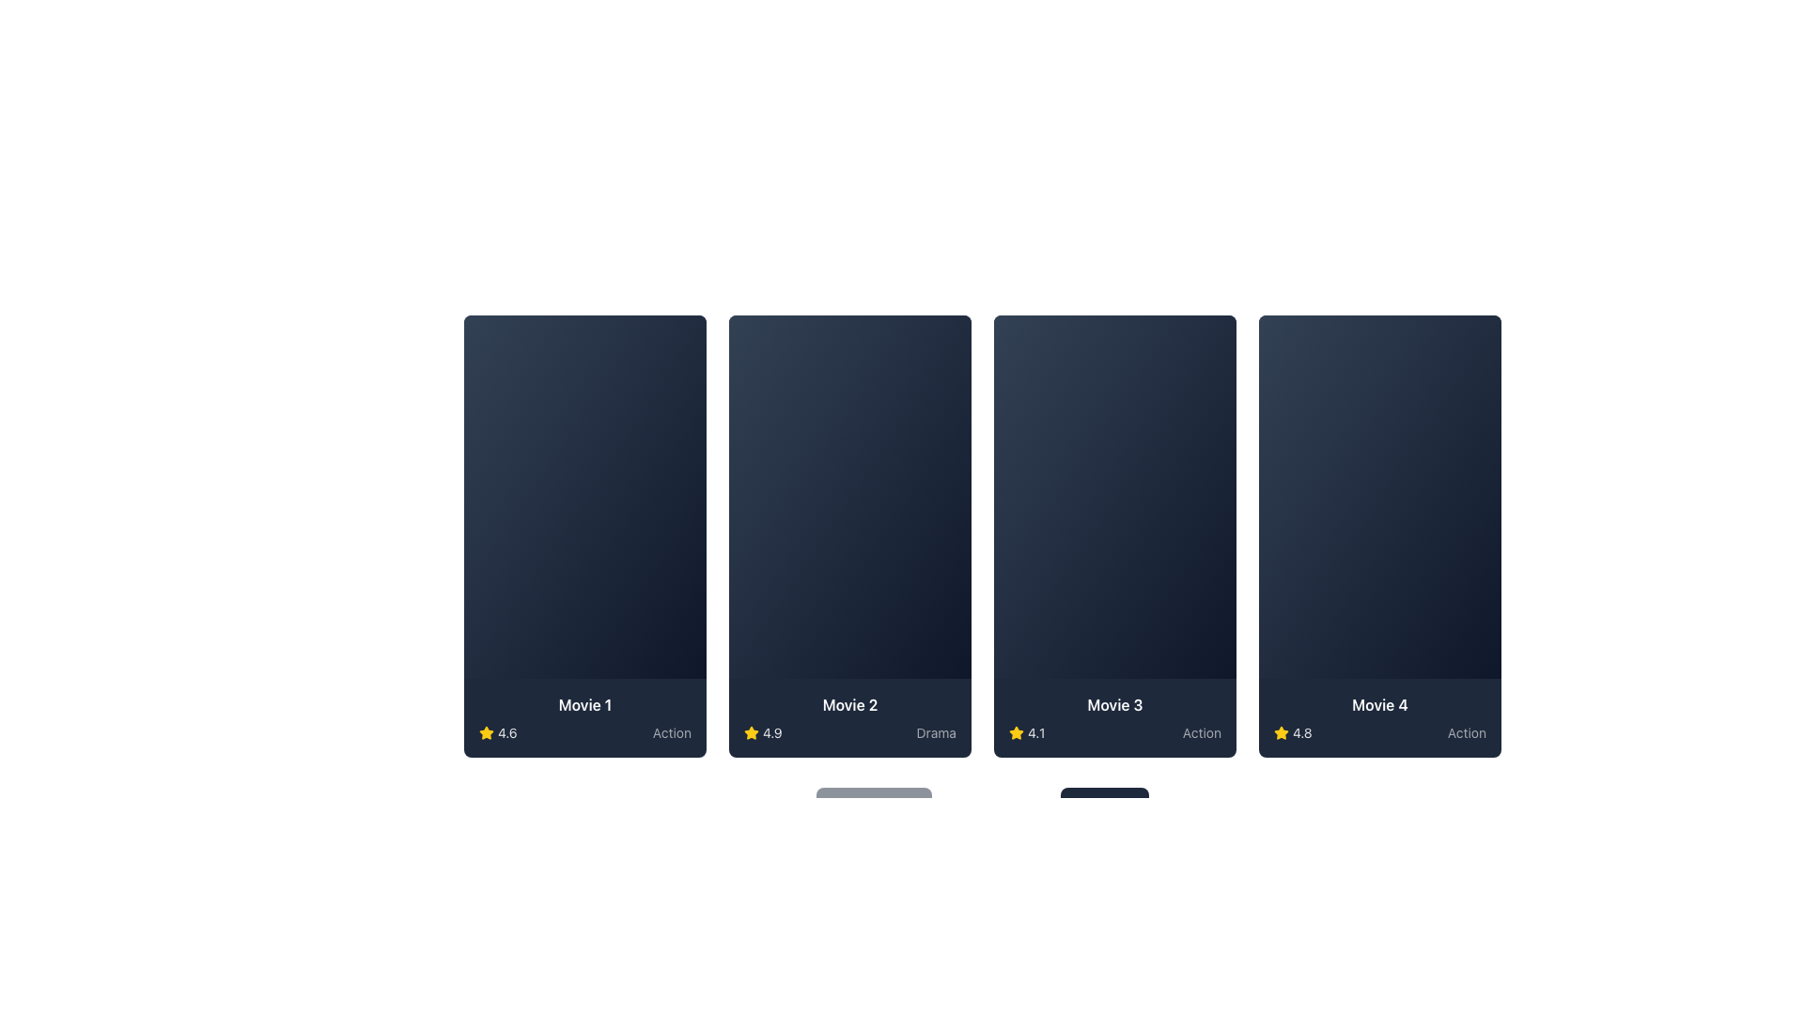  Describe the element at coordinates (1026, 731) in the screenshot. I see `the informational text label '4.1' located at the lower-left corner of the third movie card` at that location.